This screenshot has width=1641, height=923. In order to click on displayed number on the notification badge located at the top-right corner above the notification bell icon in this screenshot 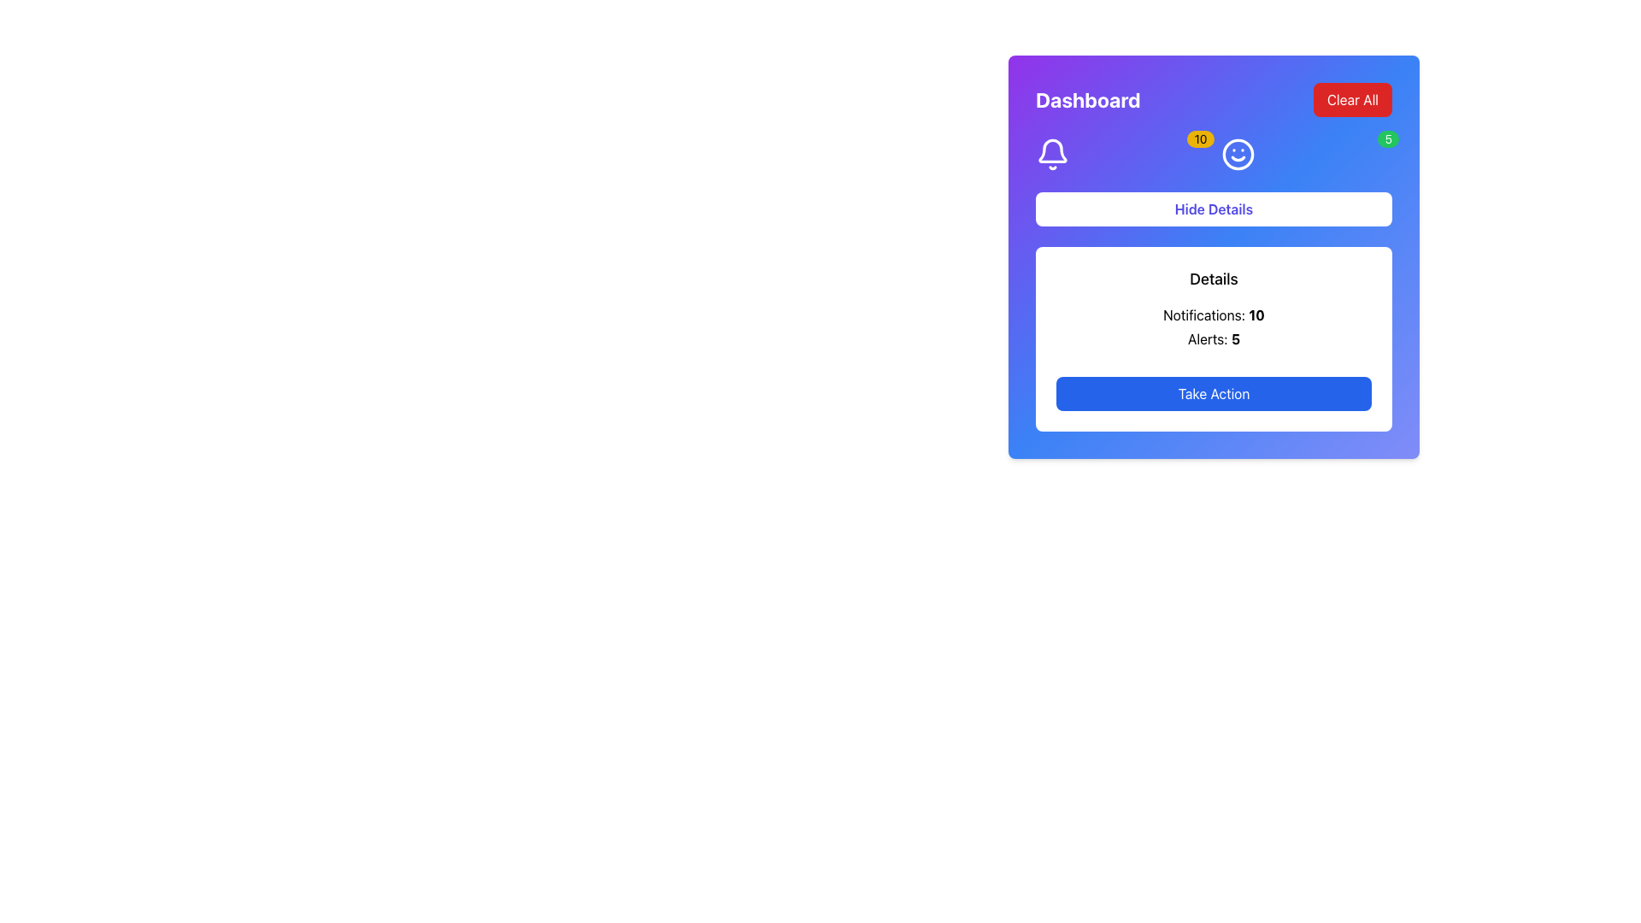, I will do `click(1200, 138)`.